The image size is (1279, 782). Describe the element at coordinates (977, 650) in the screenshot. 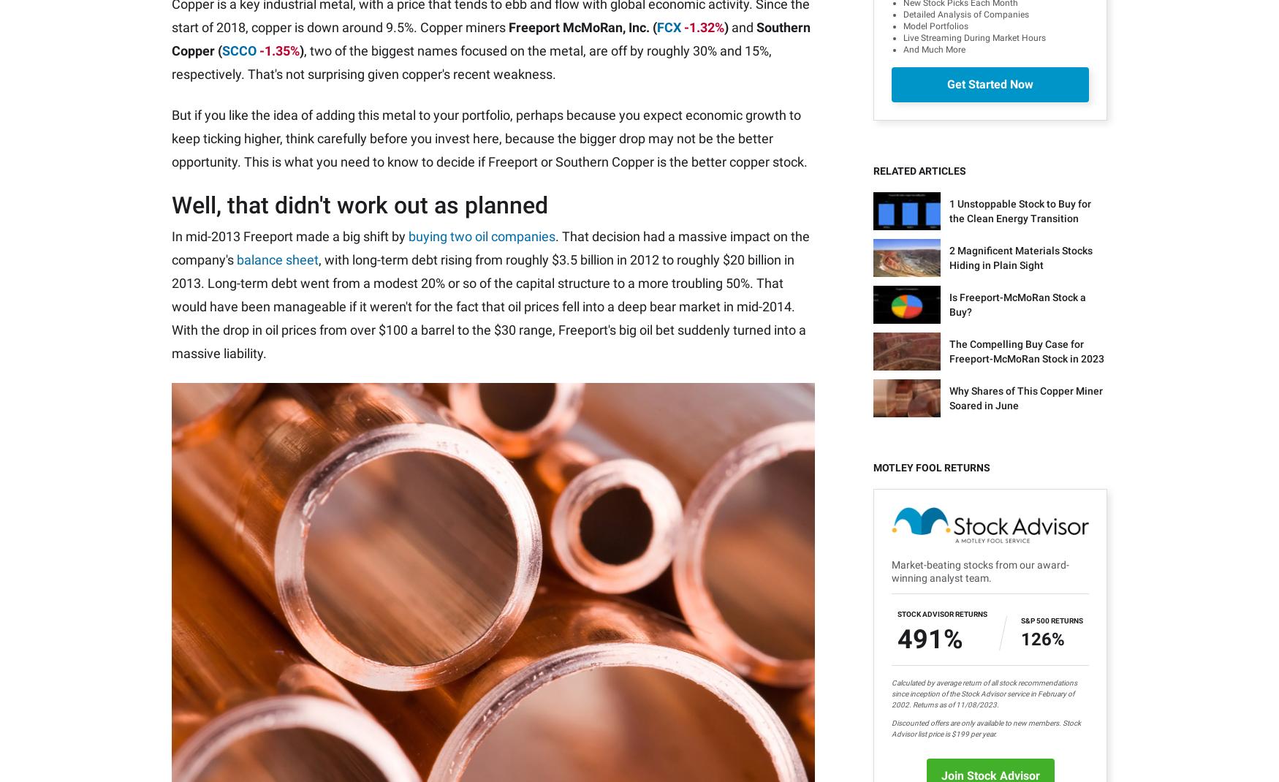

I see `'1623 Capital'` at that location.